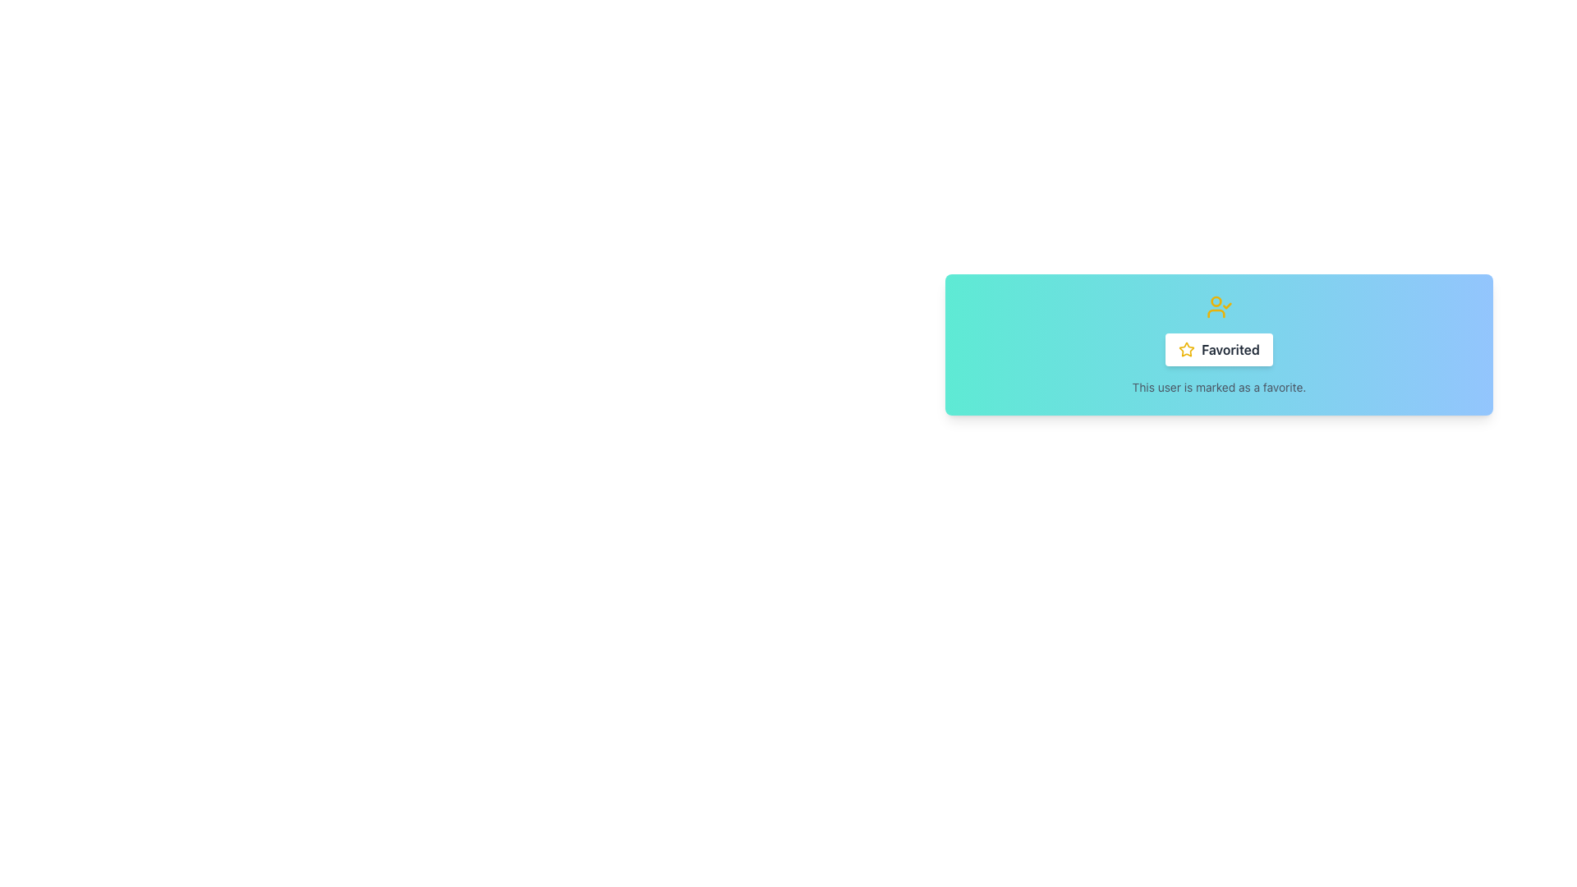 Image resolution: width=1577 pixels, height=887 pixels. Describe the element at coordinates (1187, 348) in the screenshot. I see `the decorative 'Favorite' icon located at the top section of the card layout, which signifies the 'Favorite' status of the content` at that location.